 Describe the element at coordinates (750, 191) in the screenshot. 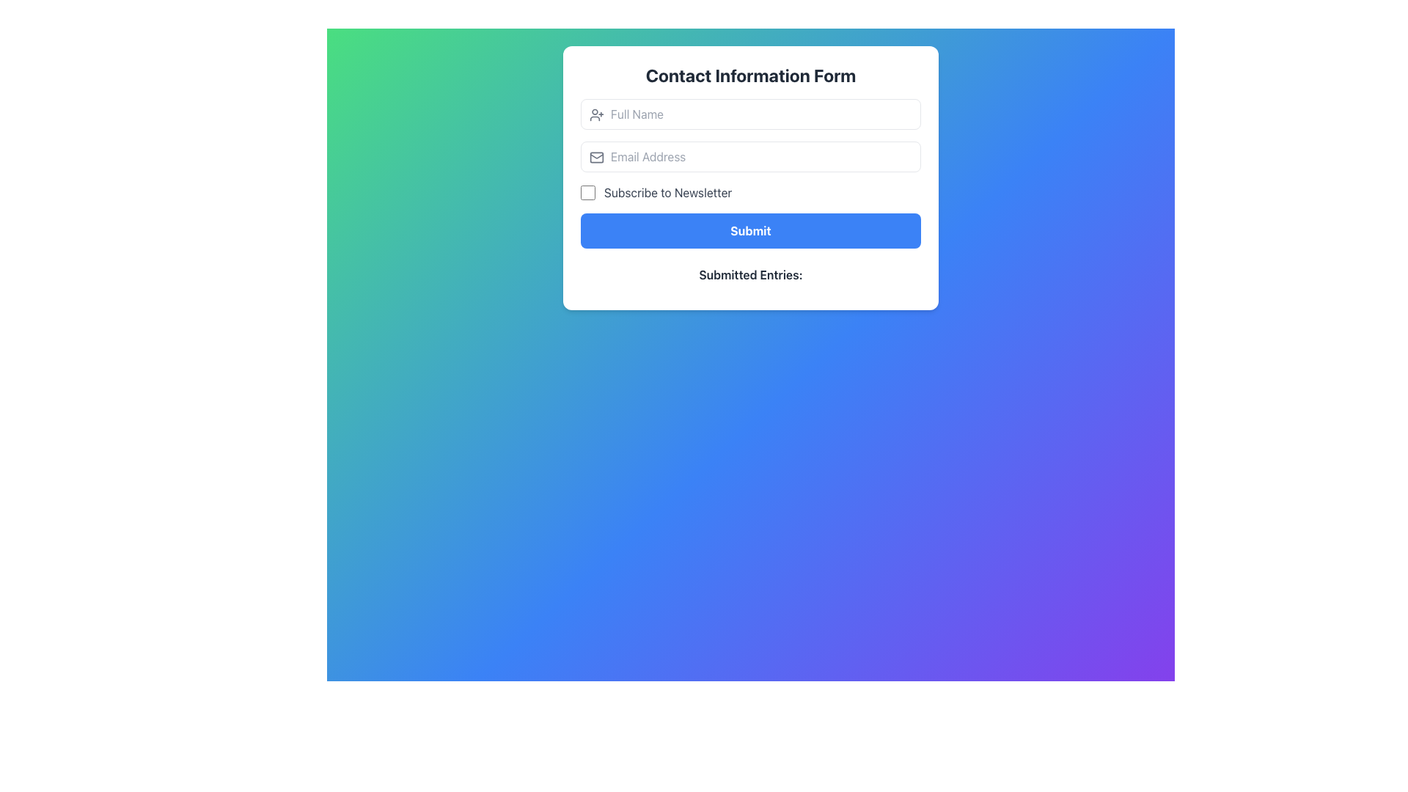

I see `the checkbox labeled 'Subscribe to Newsletter'` at that location.